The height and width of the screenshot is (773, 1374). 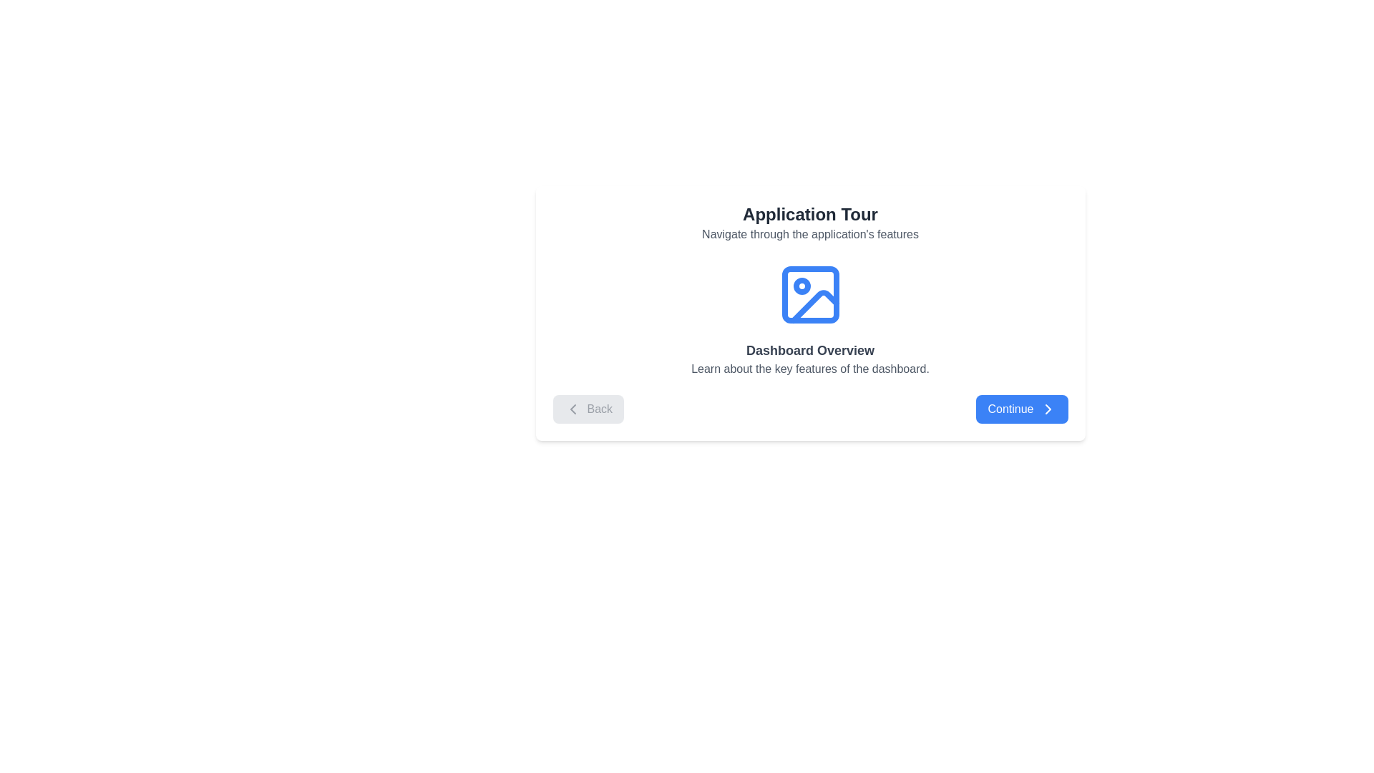 I want to click on the bold text element reading 'Application Tour', which is styled prominently and positioned at the top of a card-like section, so click(x=810, y=215).